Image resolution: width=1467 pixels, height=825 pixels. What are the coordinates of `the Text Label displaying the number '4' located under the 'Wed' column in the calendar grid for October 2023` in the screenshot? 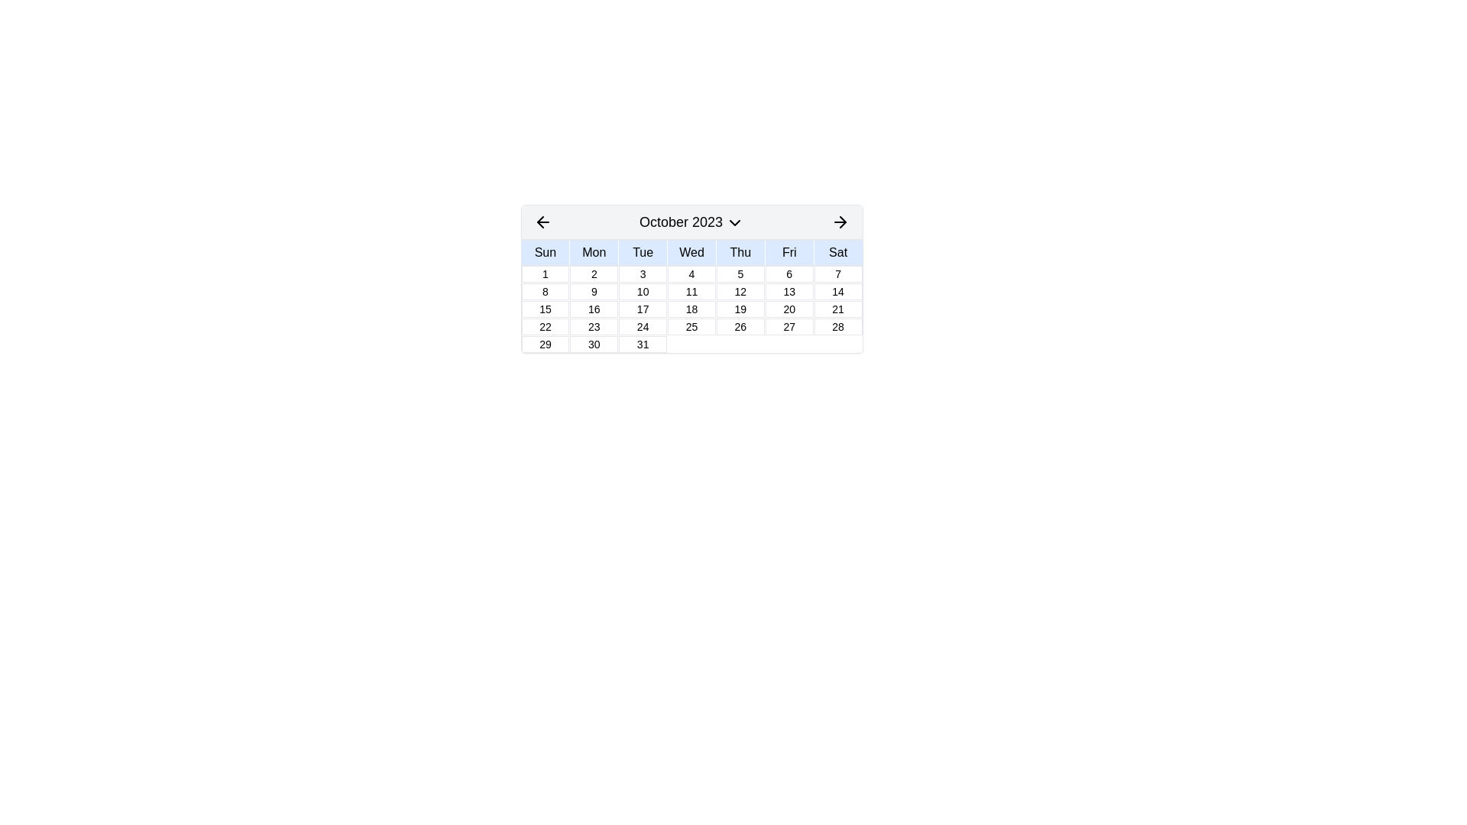 It's located at (691, 273).